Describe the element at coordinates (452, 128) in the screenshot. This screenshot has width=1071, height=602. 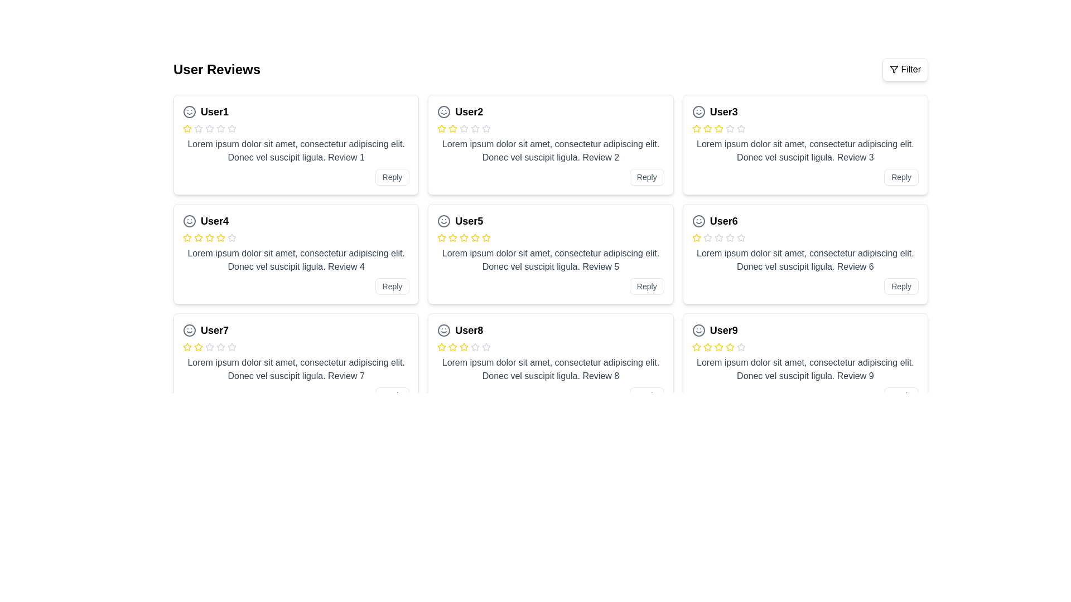
I see `the second yellow star` at that location.